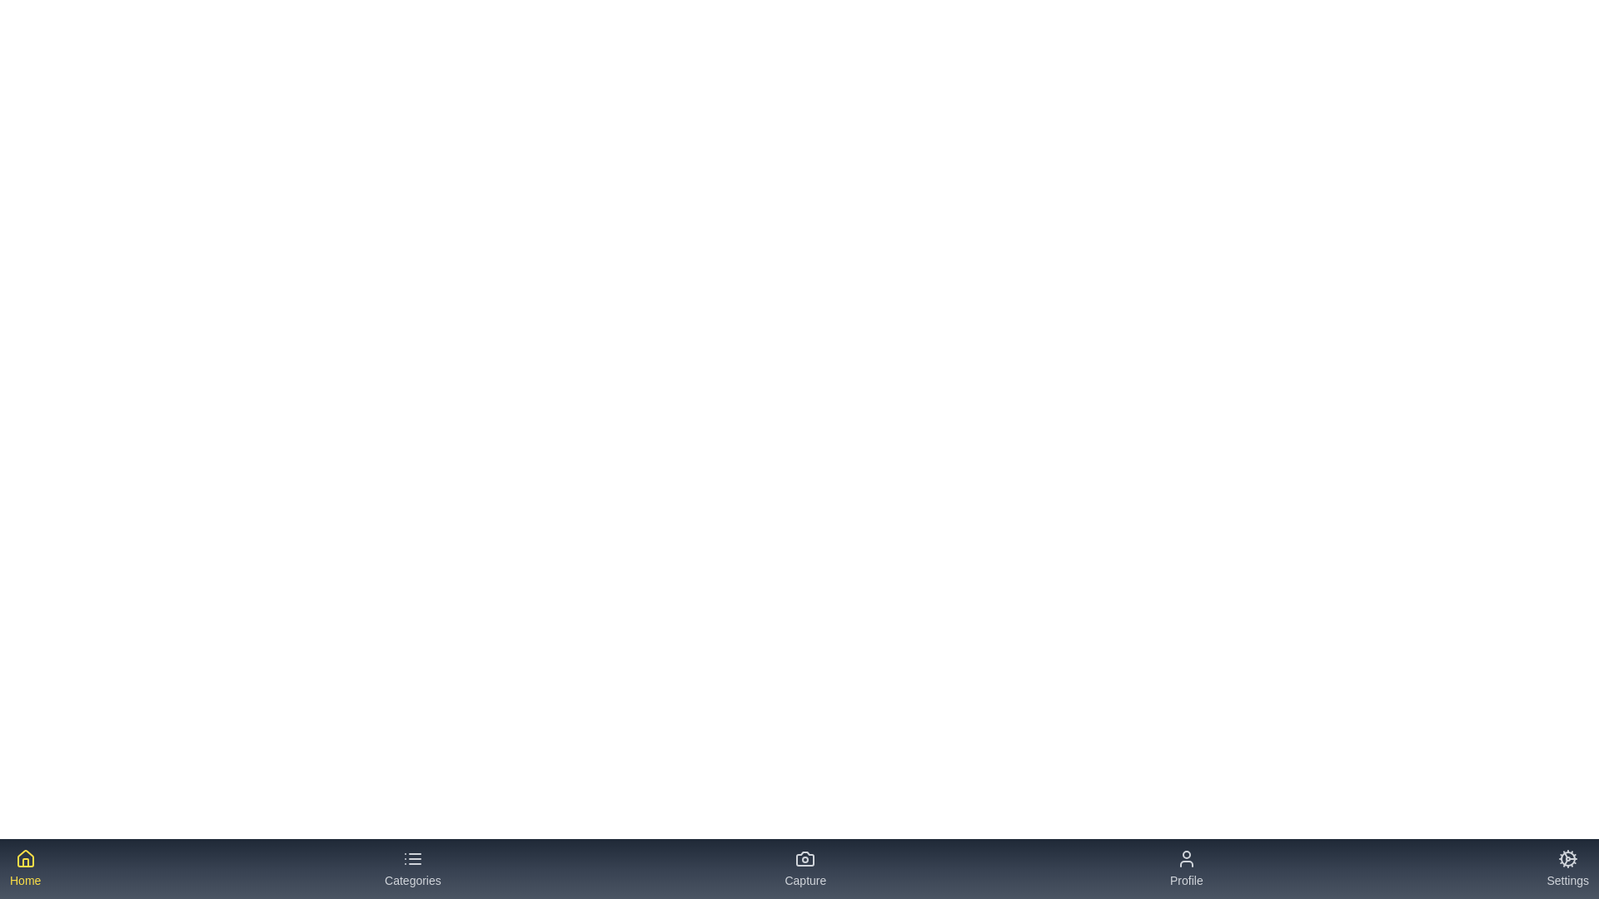  What do you see at coordinates (1185, 868) in the screenshot?
I see `the Profile tab in the bottom navigation bar` at bounding box center [1185, 868].